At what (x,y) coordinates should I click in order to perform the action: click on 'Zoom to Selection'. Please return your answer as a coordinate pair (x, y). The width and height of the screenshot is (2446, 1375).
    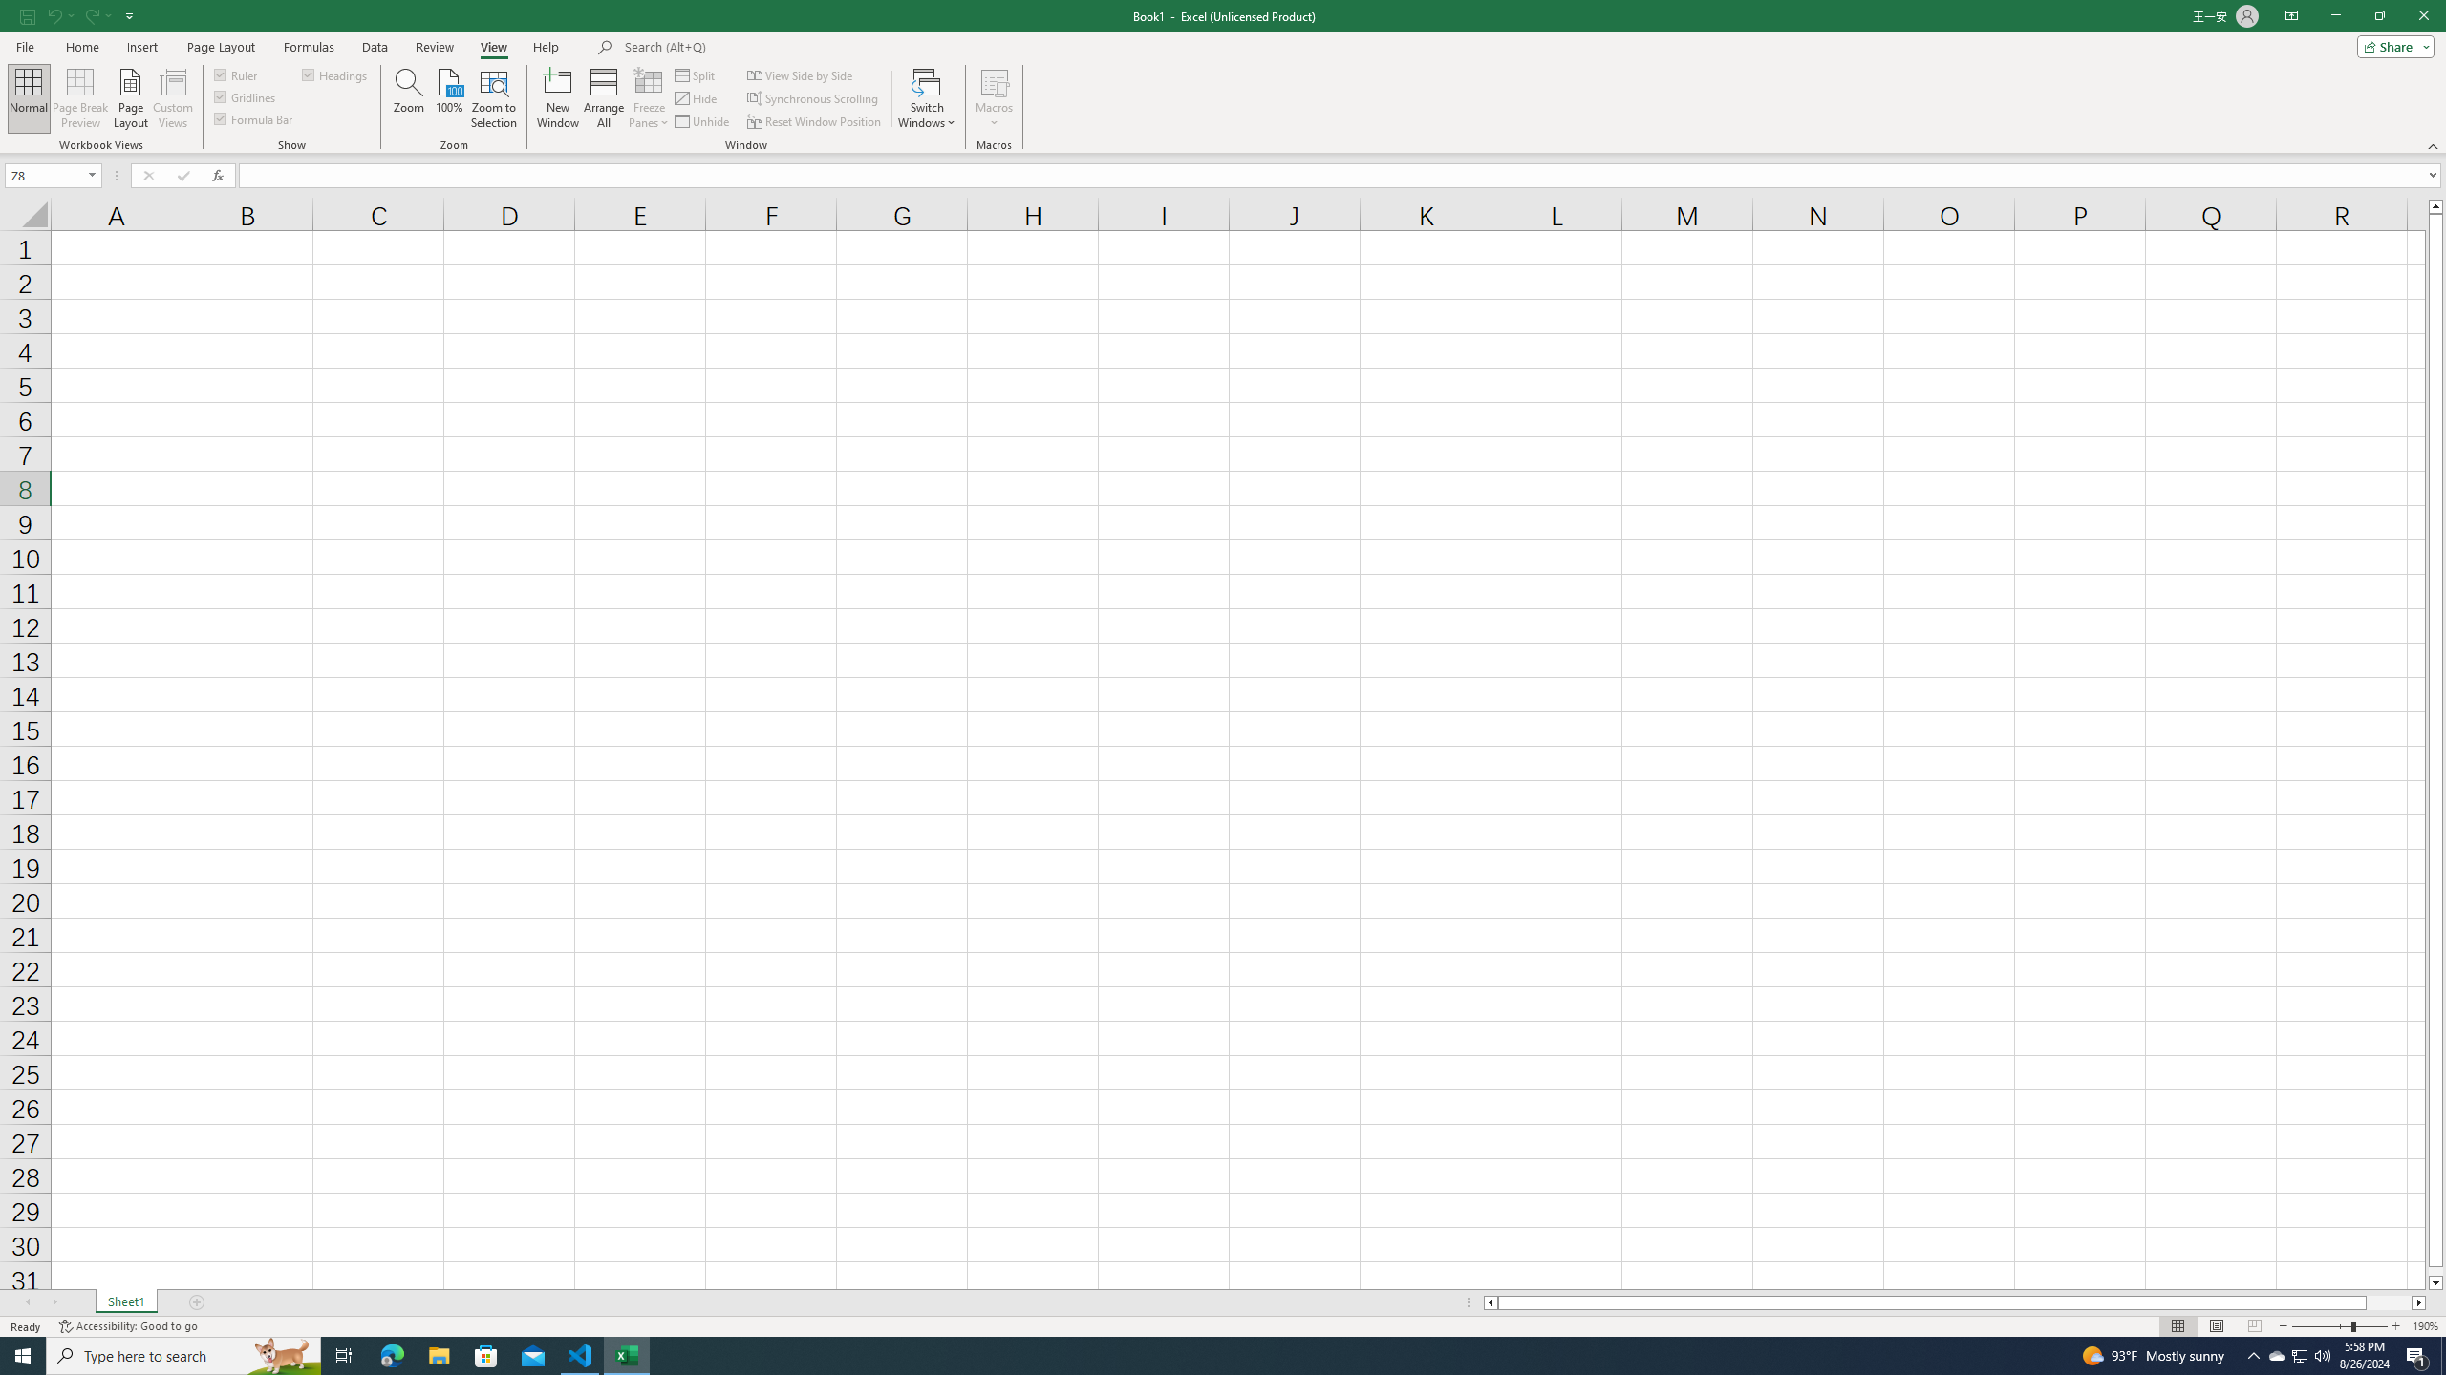
    Looking at the image, I should click on (494, 98).